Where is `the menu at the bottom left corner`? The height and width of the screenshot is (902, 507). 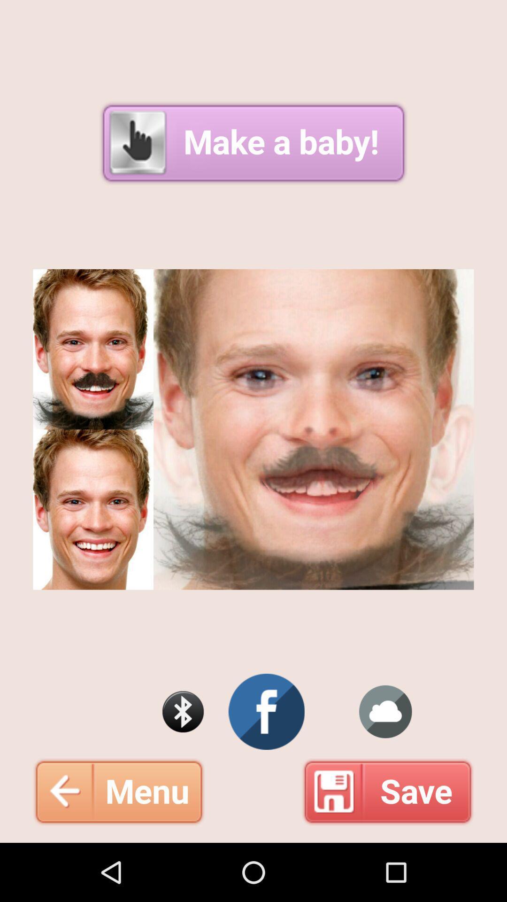
the menu at the bottom left corner is located at coordinates (118, 791).